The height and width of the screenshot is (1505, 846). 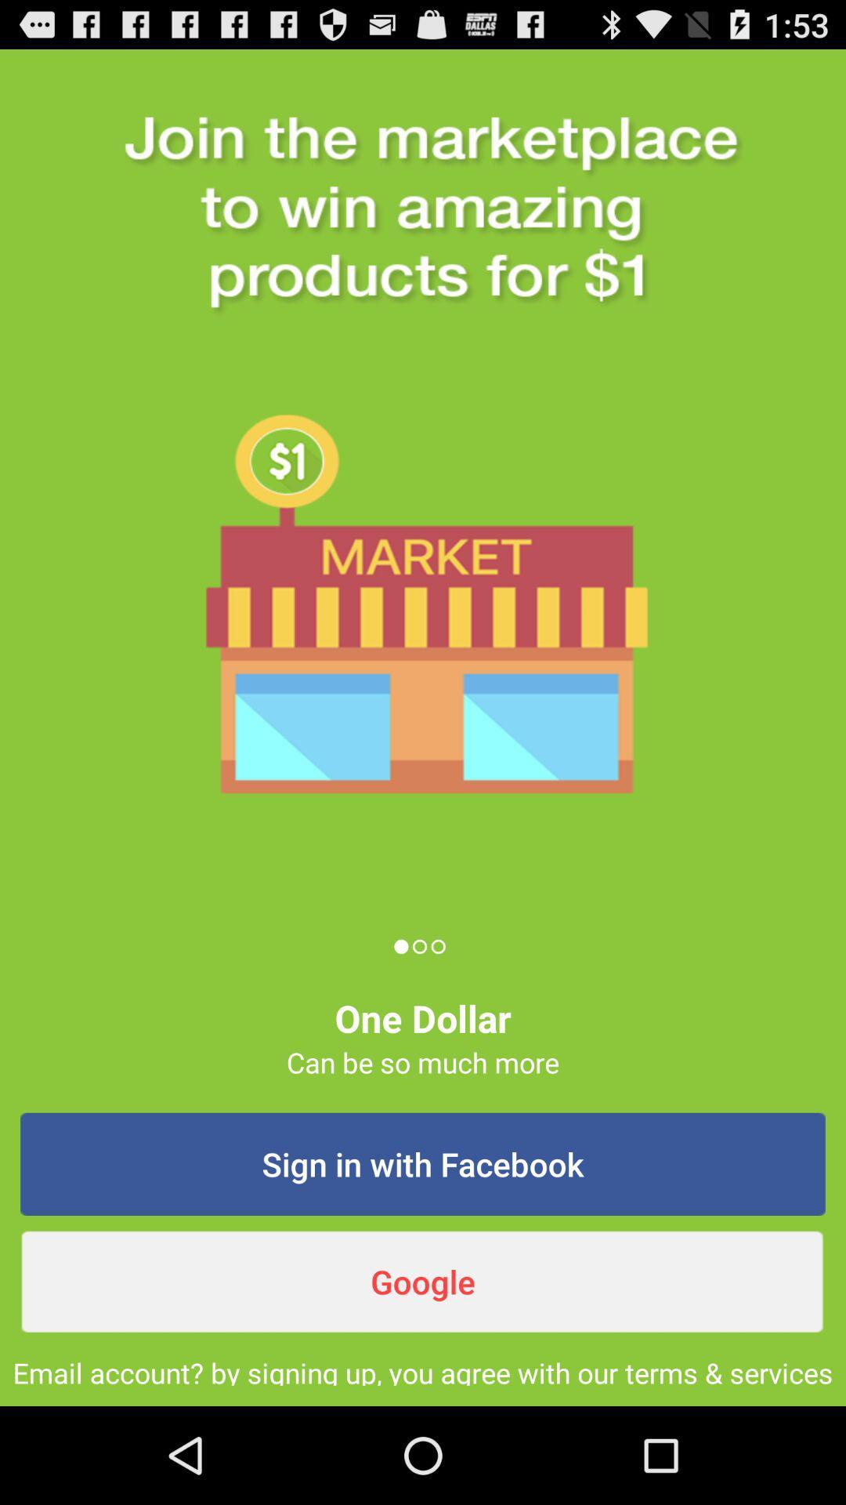 What do you see at coordinates (423, 1164) in the screenshot?
I see `item below can be so` at bounding box center [423, 1164].